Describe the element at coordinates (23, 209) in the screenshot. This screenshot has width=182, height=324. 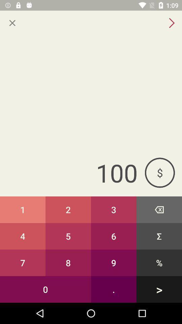
I see `the button next to 2 button` at that location.